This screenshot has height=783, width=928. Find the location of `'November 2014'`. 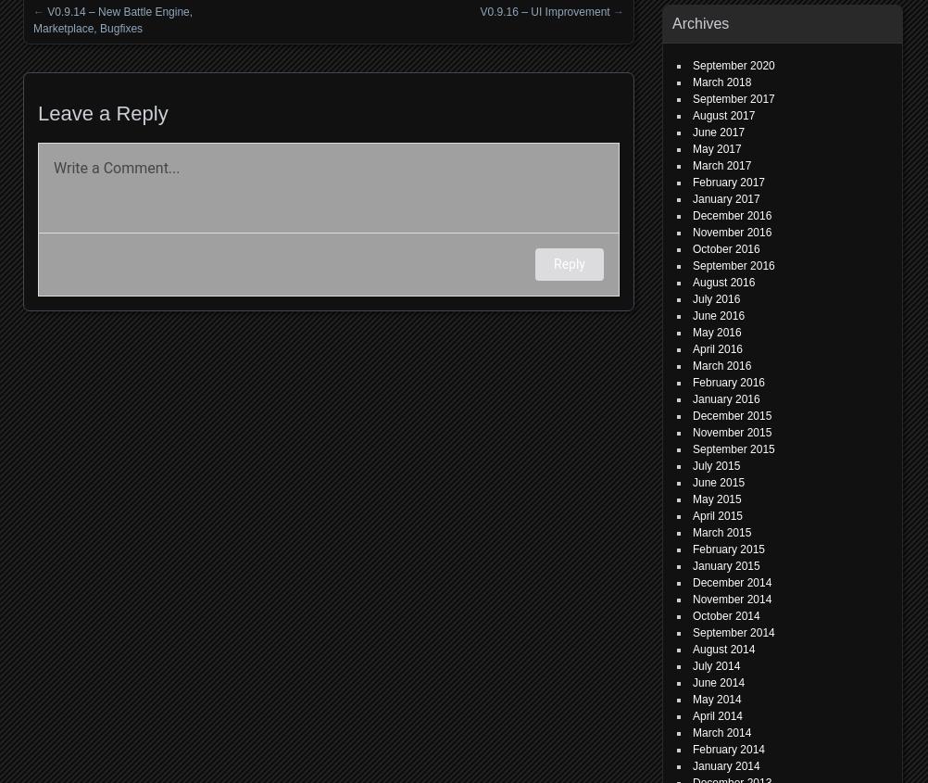

'November 2014' is located at coordinates (731, 600).